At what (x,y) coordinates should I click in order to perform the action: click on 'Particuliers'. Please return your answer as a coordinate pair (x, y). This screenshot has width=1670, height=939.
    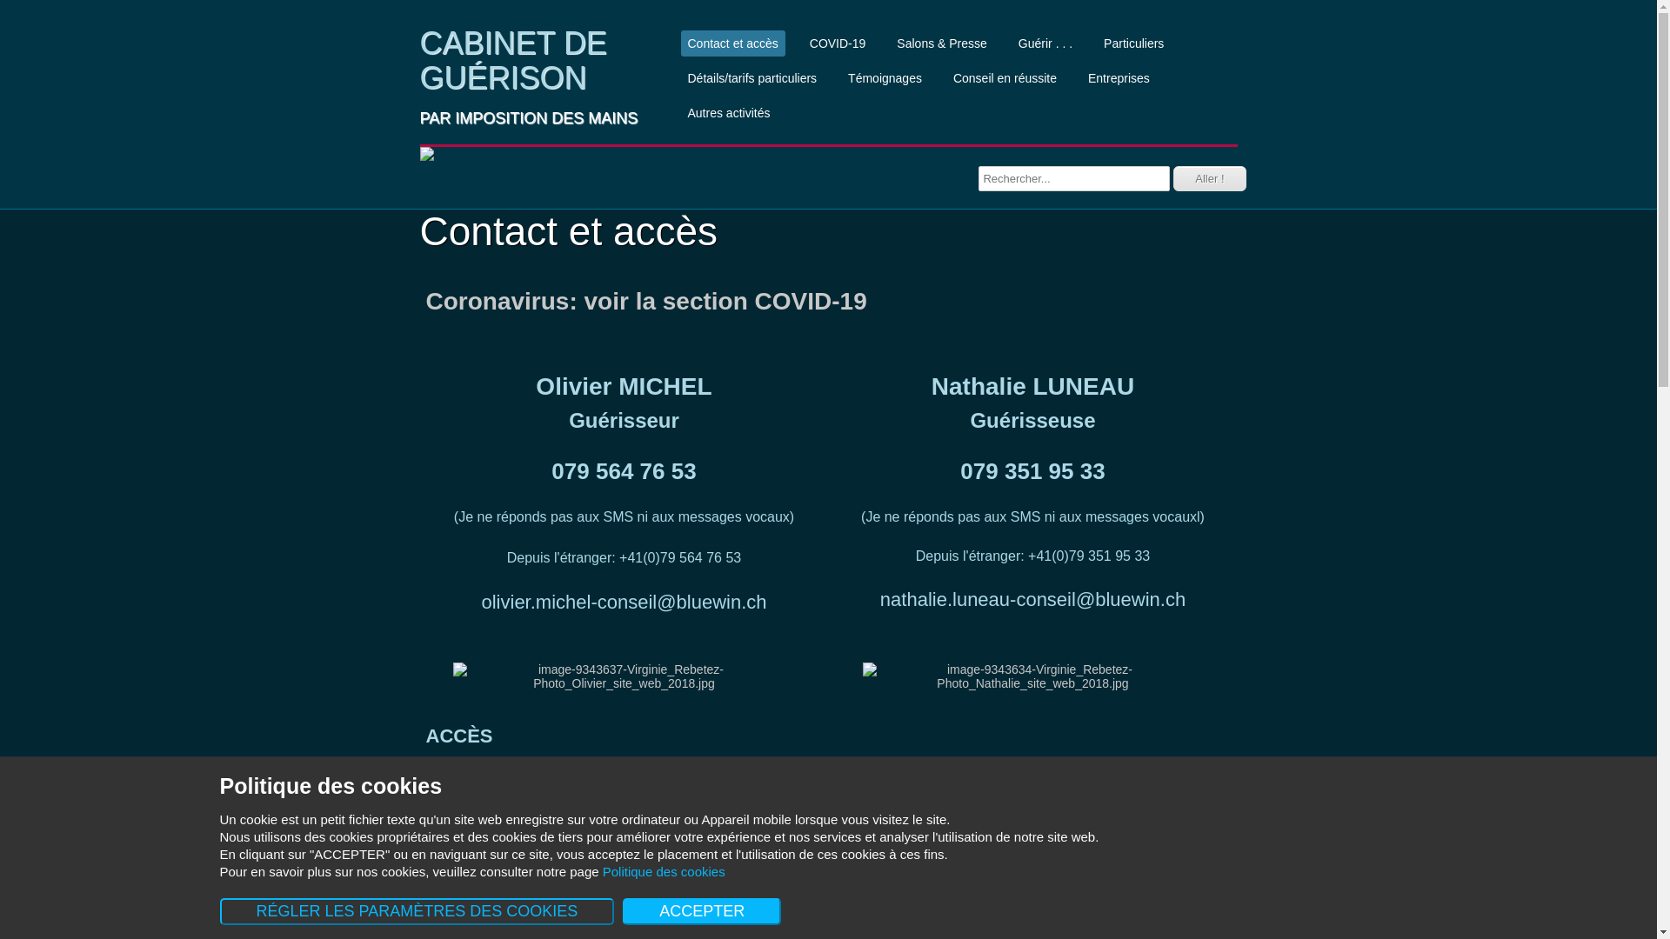
    Looking at the image, I should click on (1133, 43).